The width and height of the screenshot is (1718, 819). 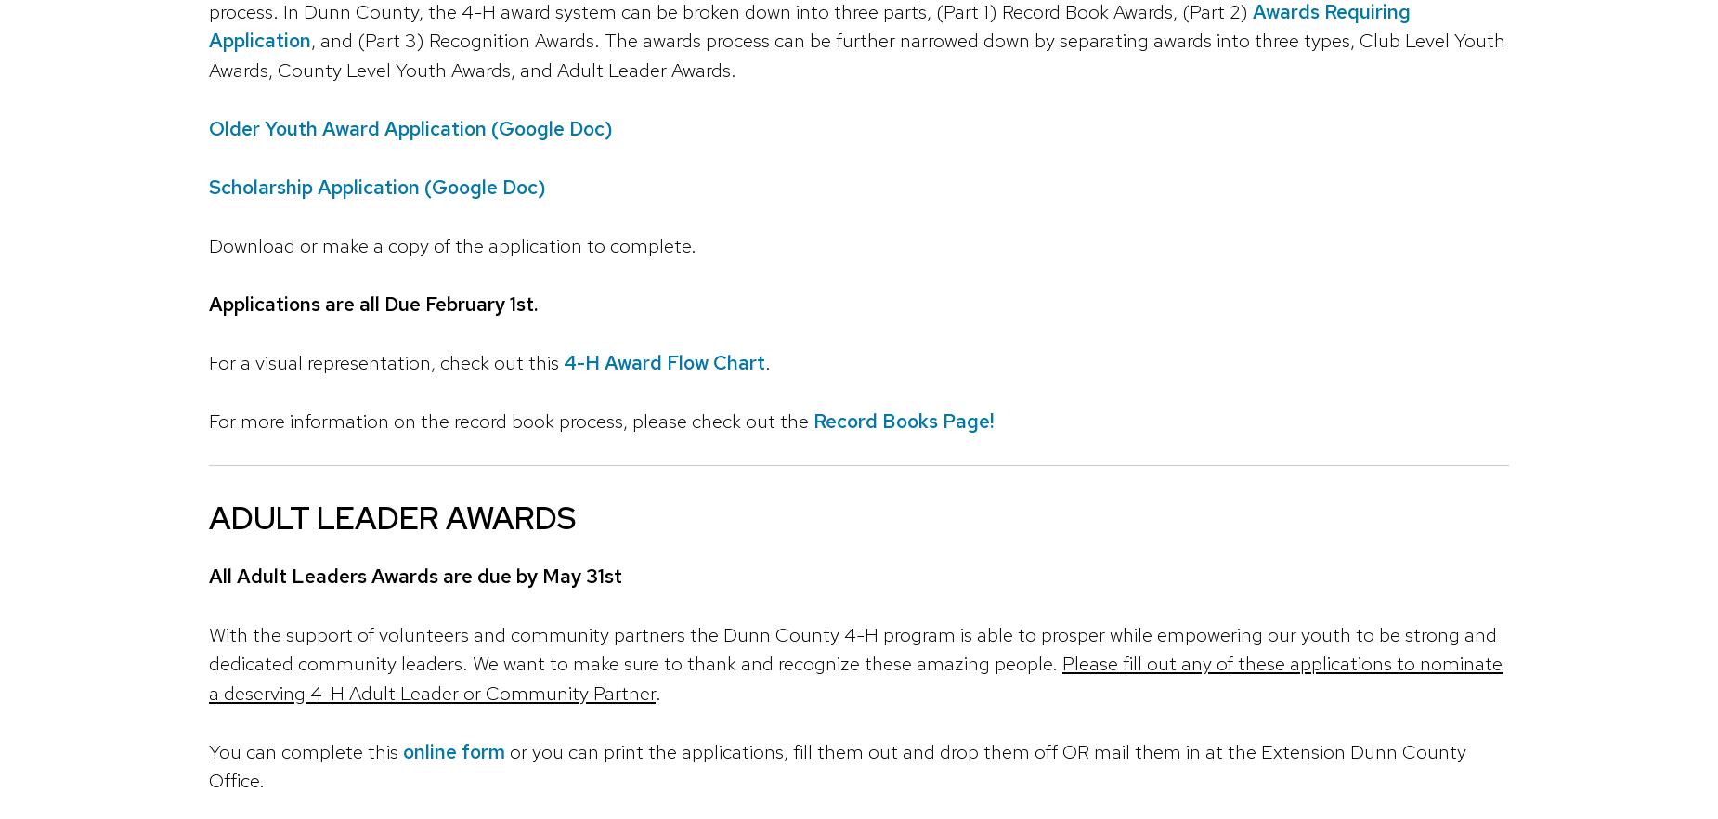 What do you see at coordinates (220, 583) in the screenshot?
I see `'Community Development'` at bounding box center [220, 583].